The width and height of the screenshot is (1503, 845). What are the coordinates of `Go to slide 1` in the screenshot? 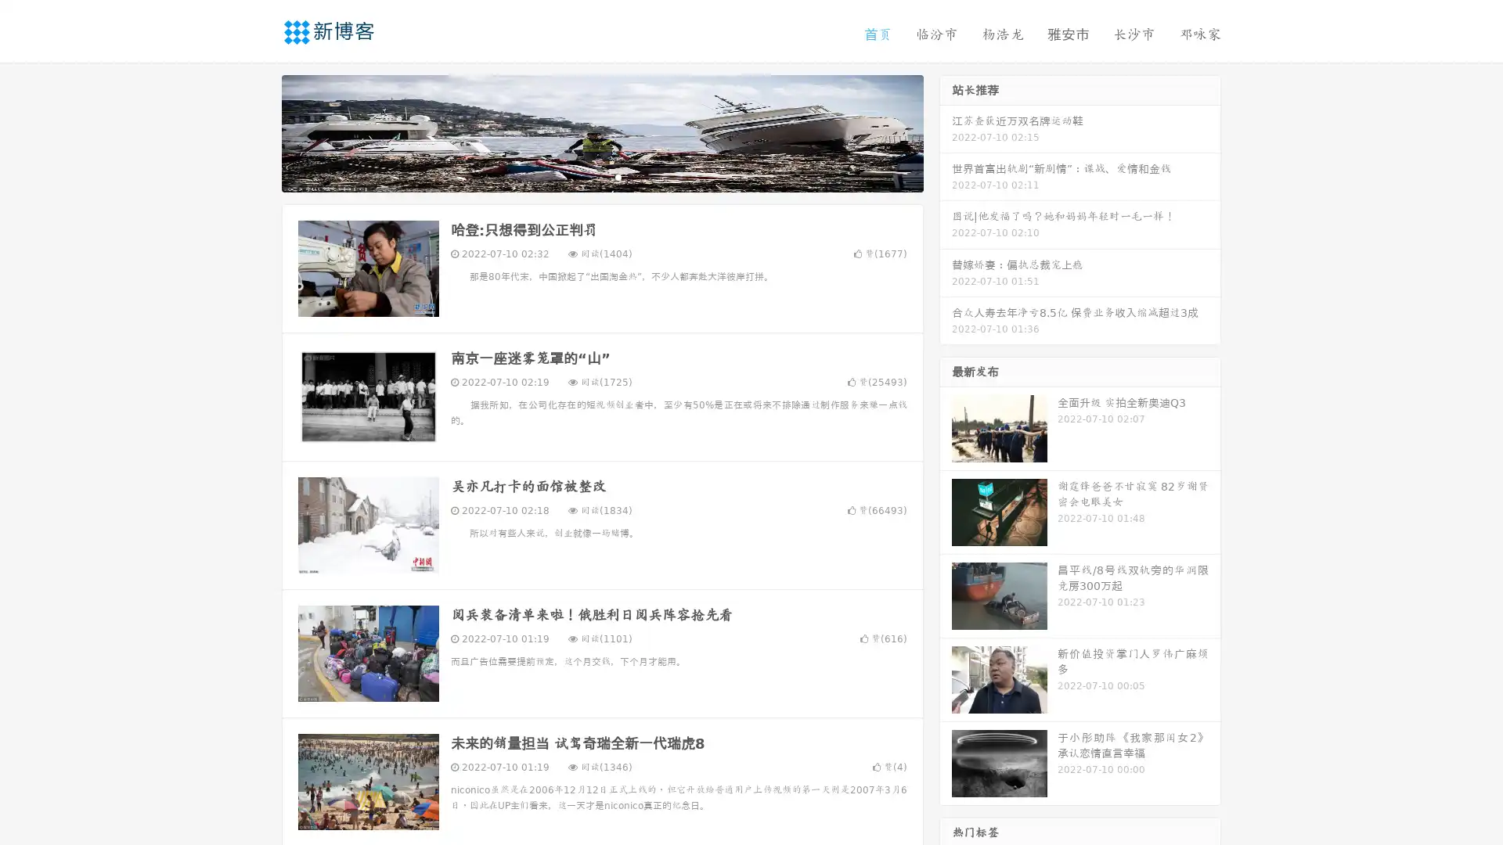 It's located at (586, 176).